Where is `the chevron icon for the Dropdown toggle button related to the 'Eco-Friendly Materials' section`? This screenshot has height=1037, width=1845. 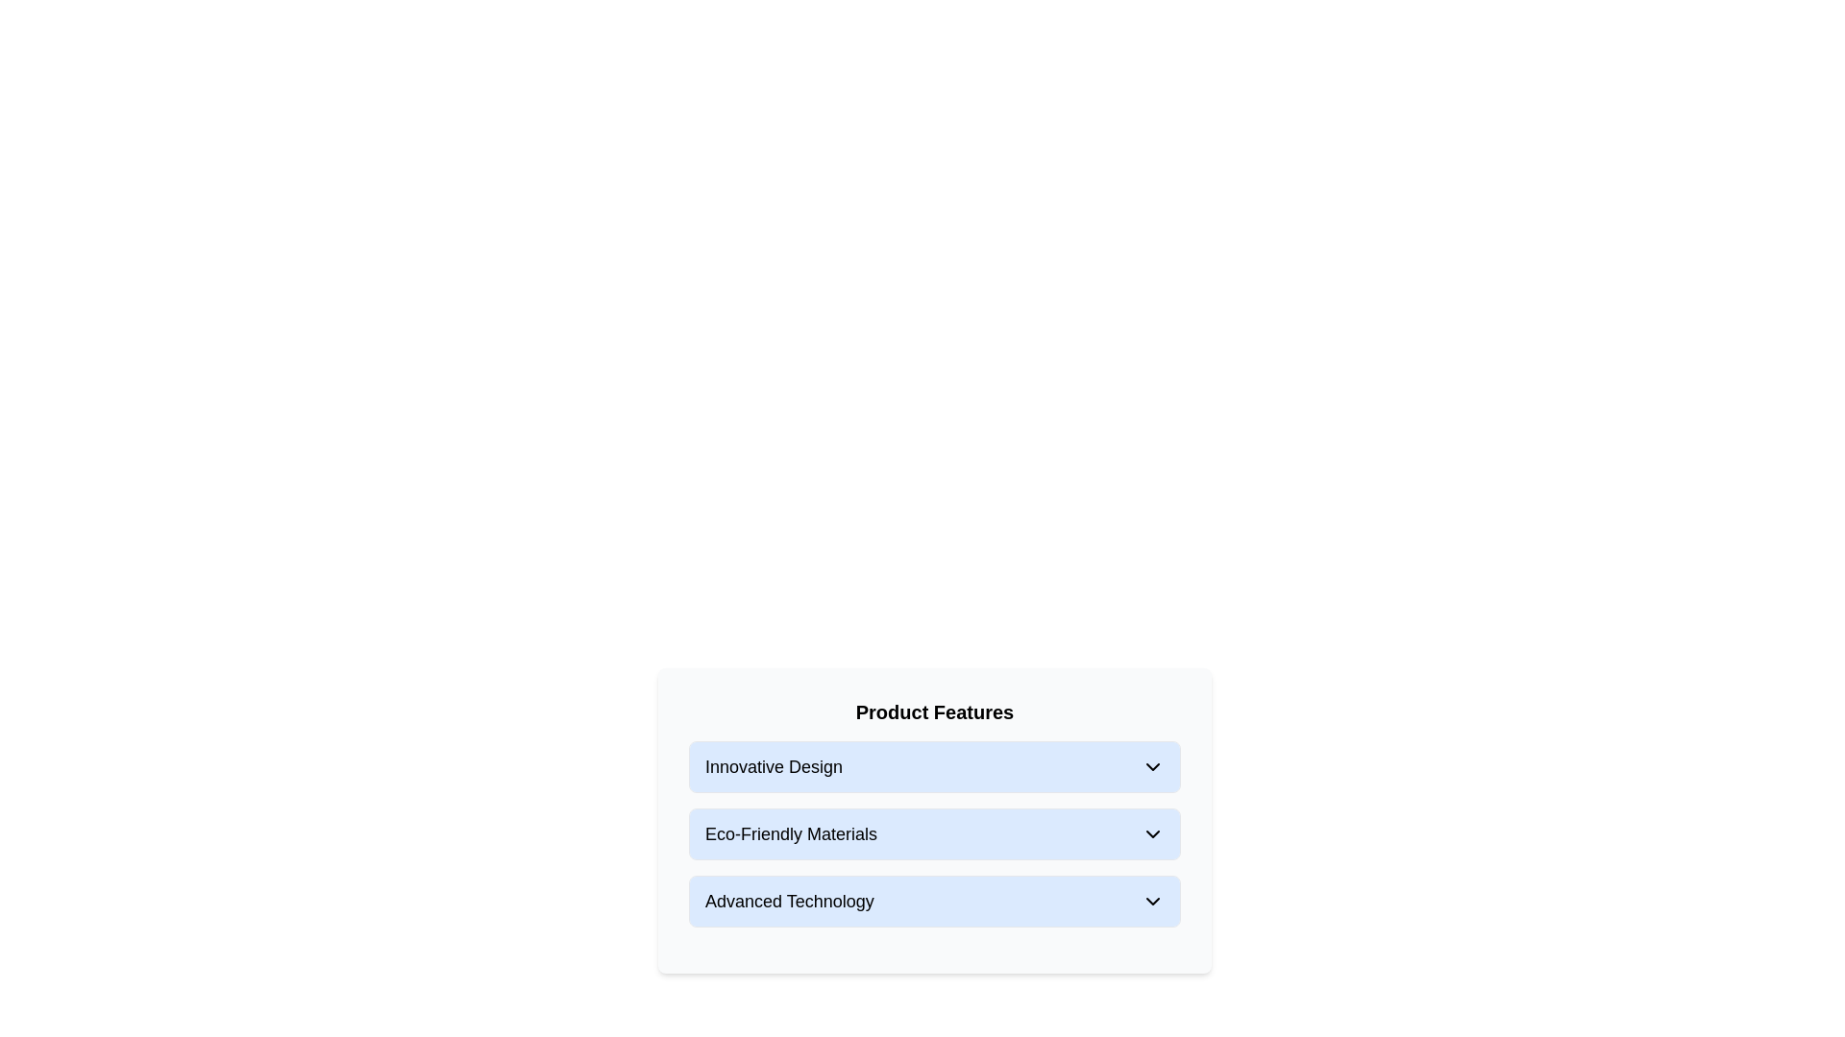
the chevron icon for the Dropdown toggle button related to the 'Eco-Friendly Materials' section is located at coordinates (1153, 832).